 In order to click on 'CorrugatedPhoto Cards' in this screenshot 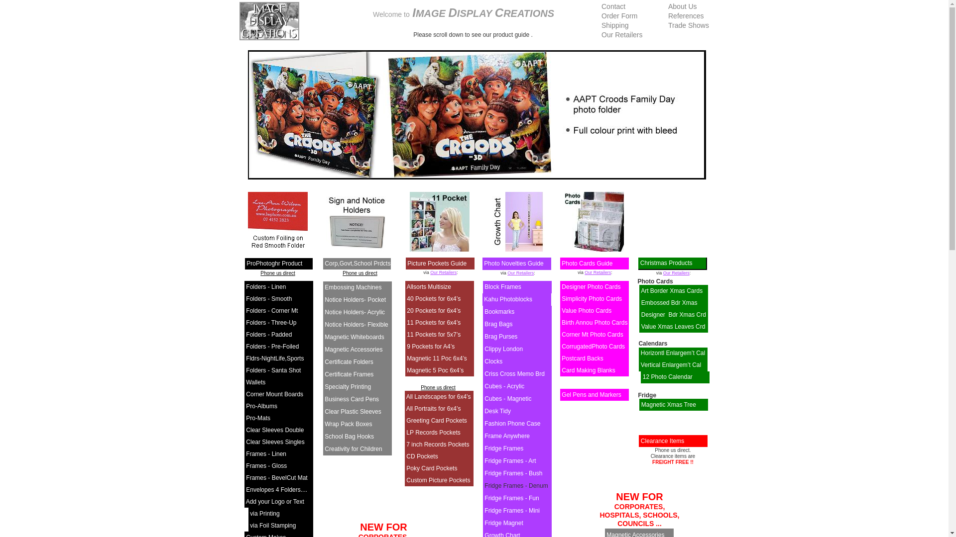, I will do `click(593, 346)`.